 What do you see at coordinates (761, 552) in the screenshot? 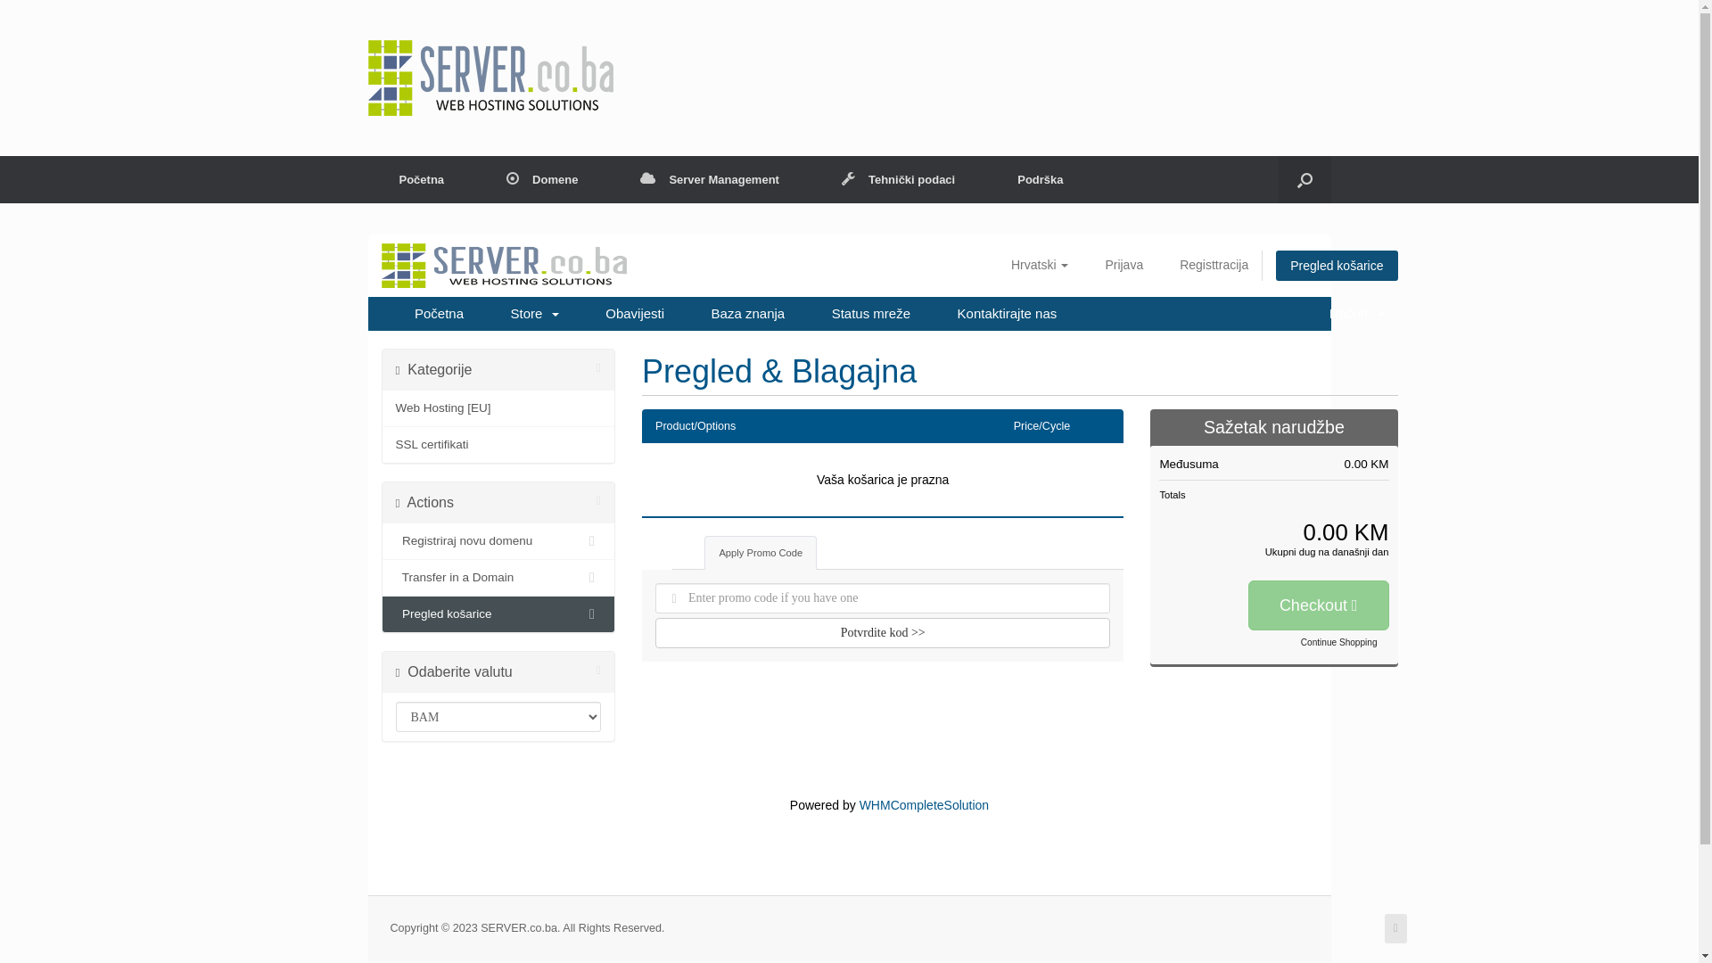
I see `'Apply Promo Code'` at bounding box center [761, 552].